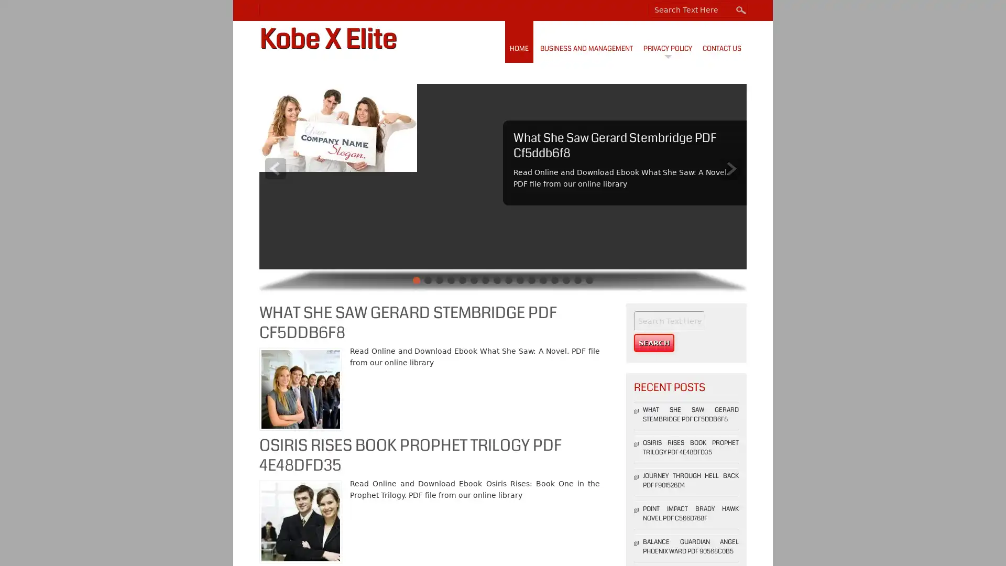 Image resolution: width=1006 pixels, height=566 pixels. I want to click on Search, so click(653, 343).